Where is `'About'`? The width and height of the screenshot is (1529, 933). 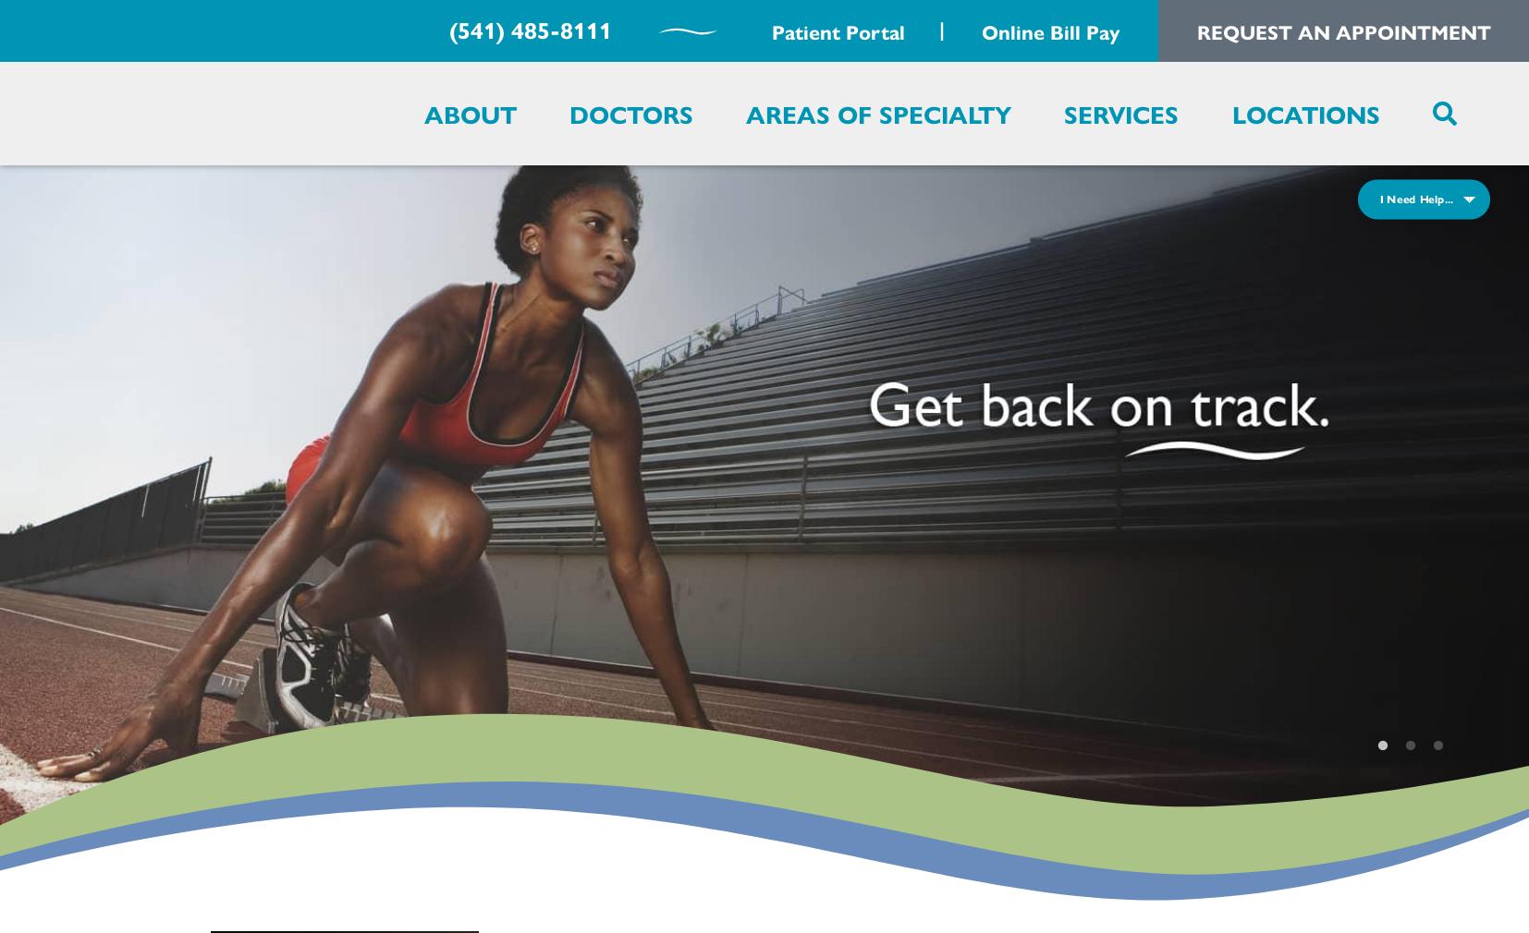
'About' is located at coordinates (469, 112).